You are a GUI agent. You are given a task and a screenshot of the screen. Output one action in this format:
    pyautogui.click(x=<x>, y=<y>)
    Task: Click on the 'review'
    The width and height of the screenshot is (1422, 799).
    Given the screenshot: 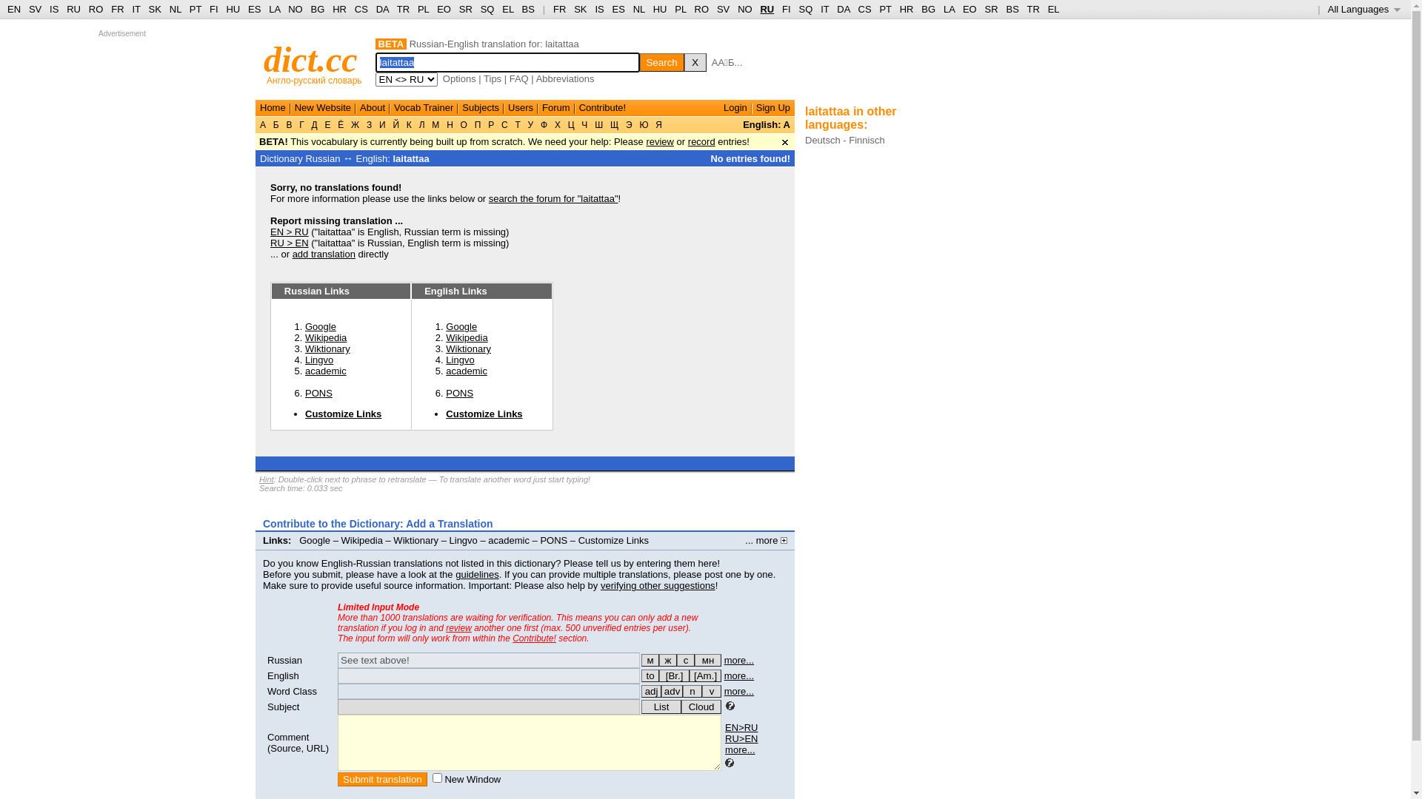 What is the action you would take?
    pyautogui.click(x=659, y=141)
    